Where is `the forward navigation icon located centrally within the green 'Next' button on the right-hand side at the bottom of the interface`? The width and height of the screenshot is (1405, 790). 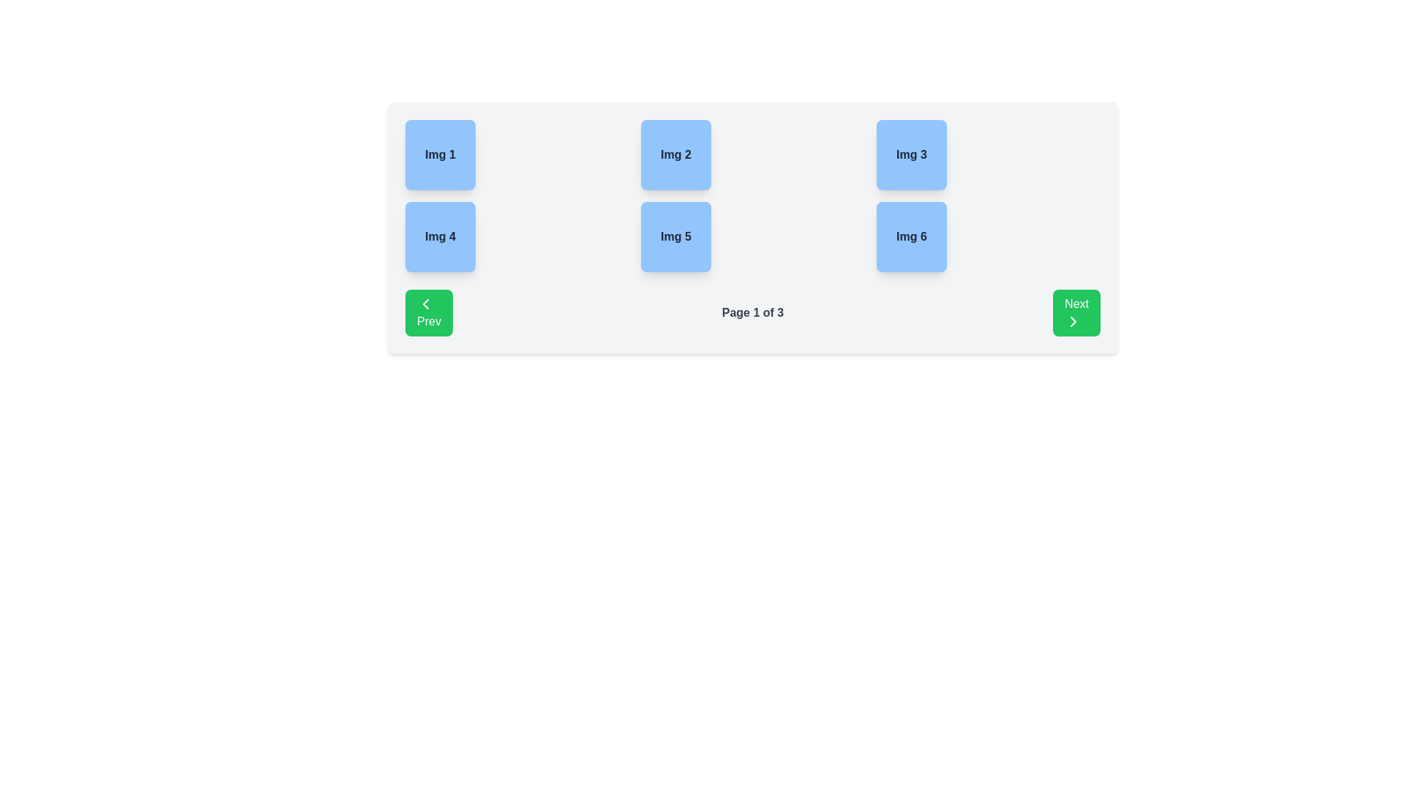
the forward navigation icon located centrally within the green 'Next' button on the right-hand side at the bottom of the interface is located at coordinates (1074, 320).